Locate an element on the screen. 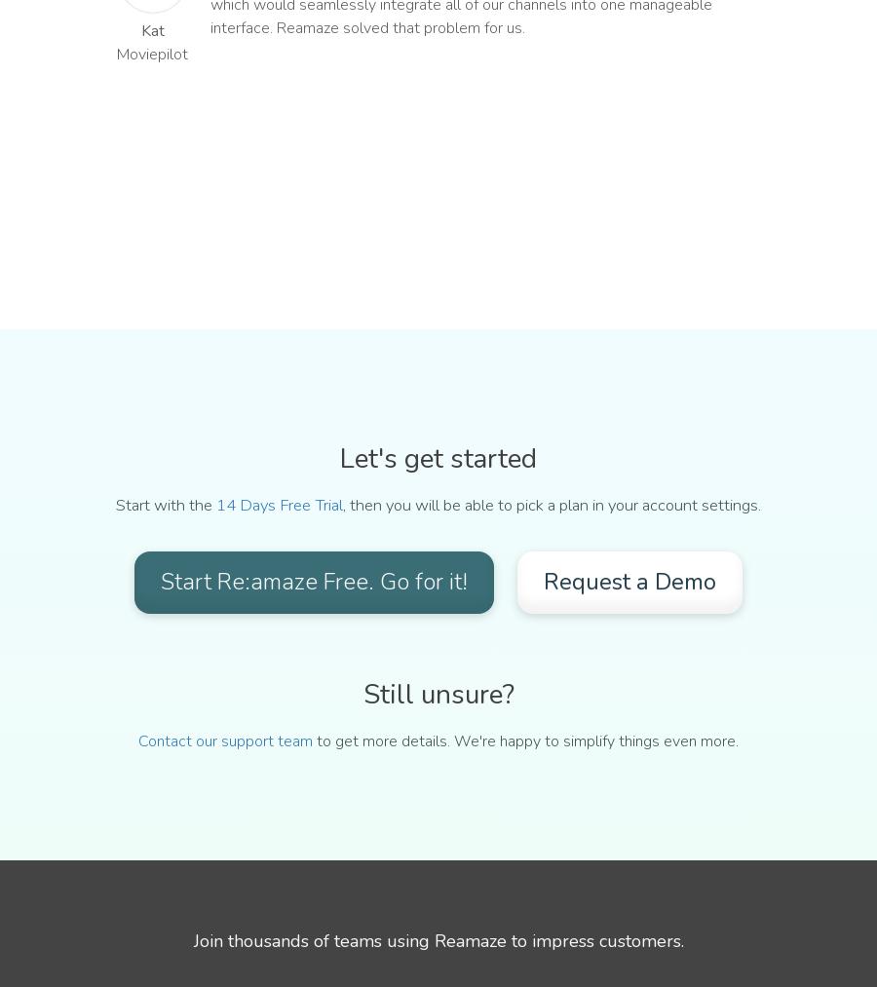 This screenshot has width=877, height=987. 'Join thousands of teams using Reamaze to impress customers.' is located at coordinates (438, 939).